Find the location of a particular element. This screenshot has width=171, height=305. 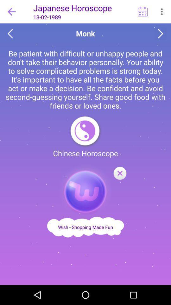

advertisement is located at coordinates (85, 227).